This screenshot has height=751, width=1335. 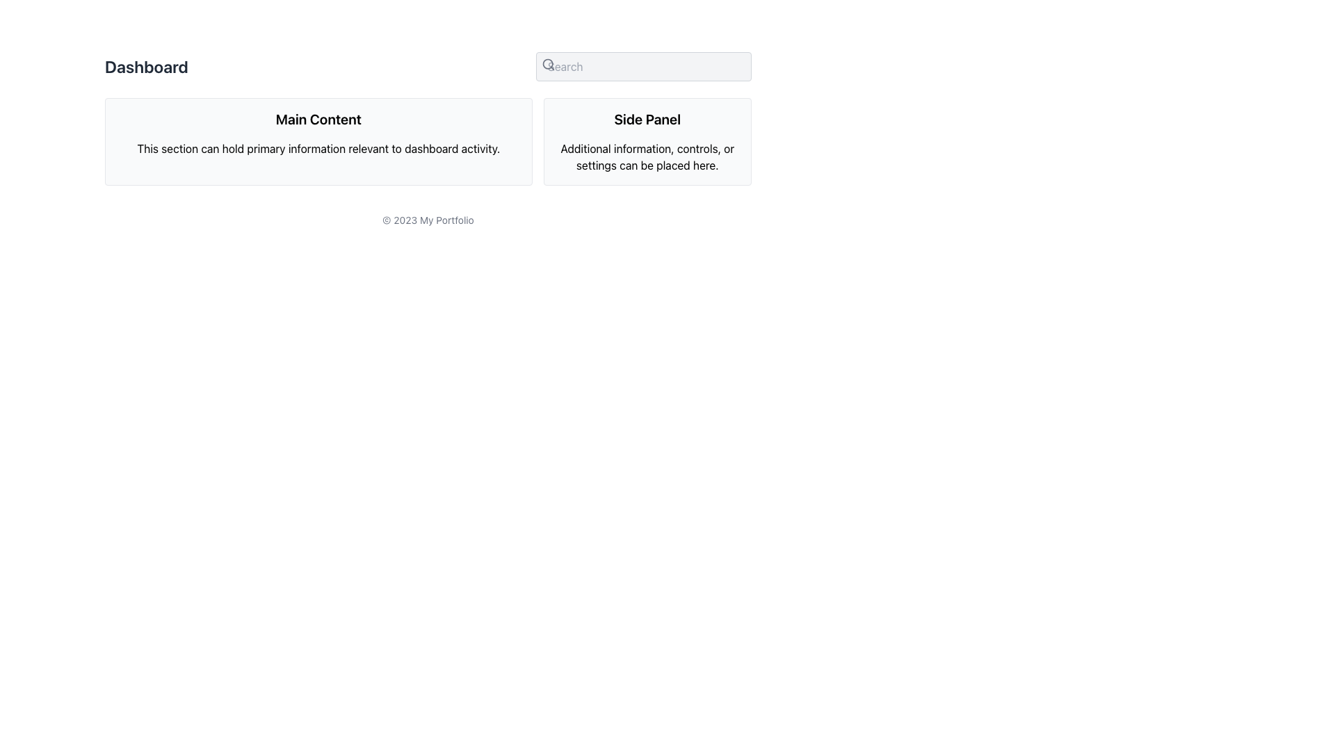 I want to click on the filled circular SVG component located inside the search icon near the top left corner of the search bar, so click(x=547, y=64).